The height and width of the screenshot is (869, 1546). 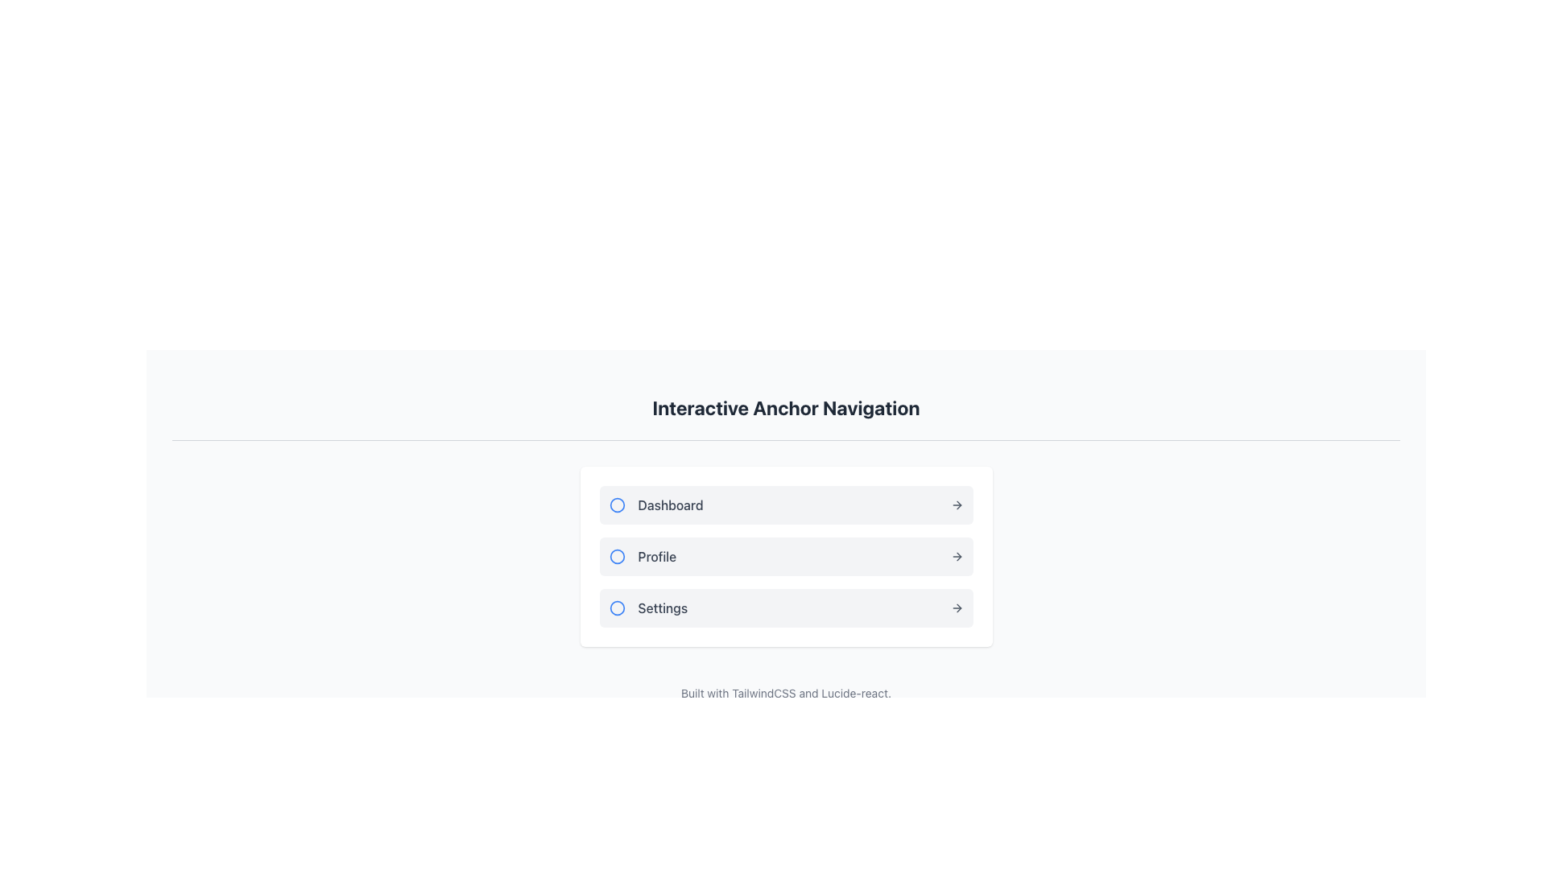 I want to click on the right arrow icon, styled with gray color, located at the rightmost end of the 'Dashboard' item in the vertical navigation list, so click(x=957, y=505).